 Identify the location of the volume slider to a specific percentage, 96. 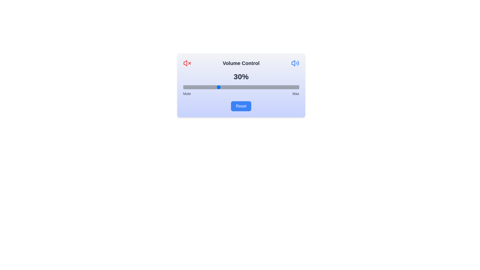
(294, 87).